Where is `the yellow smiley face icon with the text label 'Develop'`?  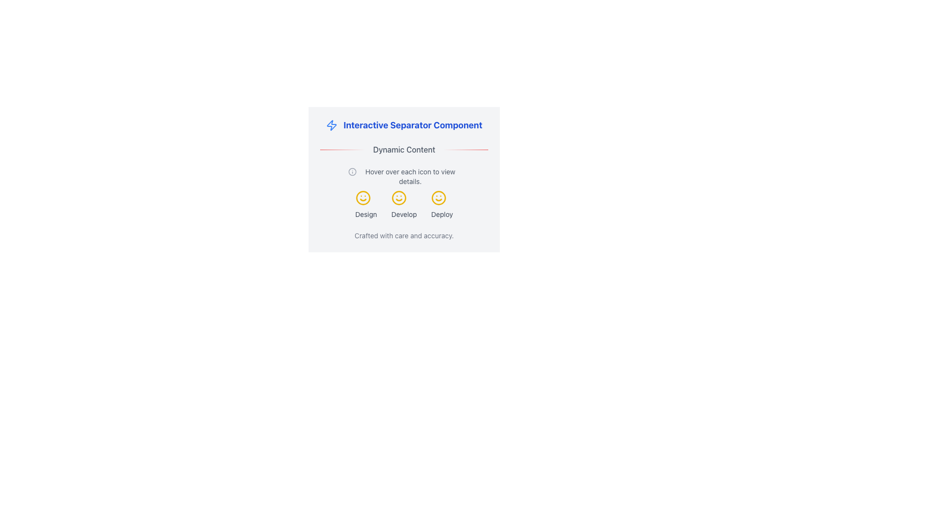 the yellow smiley face icon with the text label 'Develop' is located at coordinates (404, 204).